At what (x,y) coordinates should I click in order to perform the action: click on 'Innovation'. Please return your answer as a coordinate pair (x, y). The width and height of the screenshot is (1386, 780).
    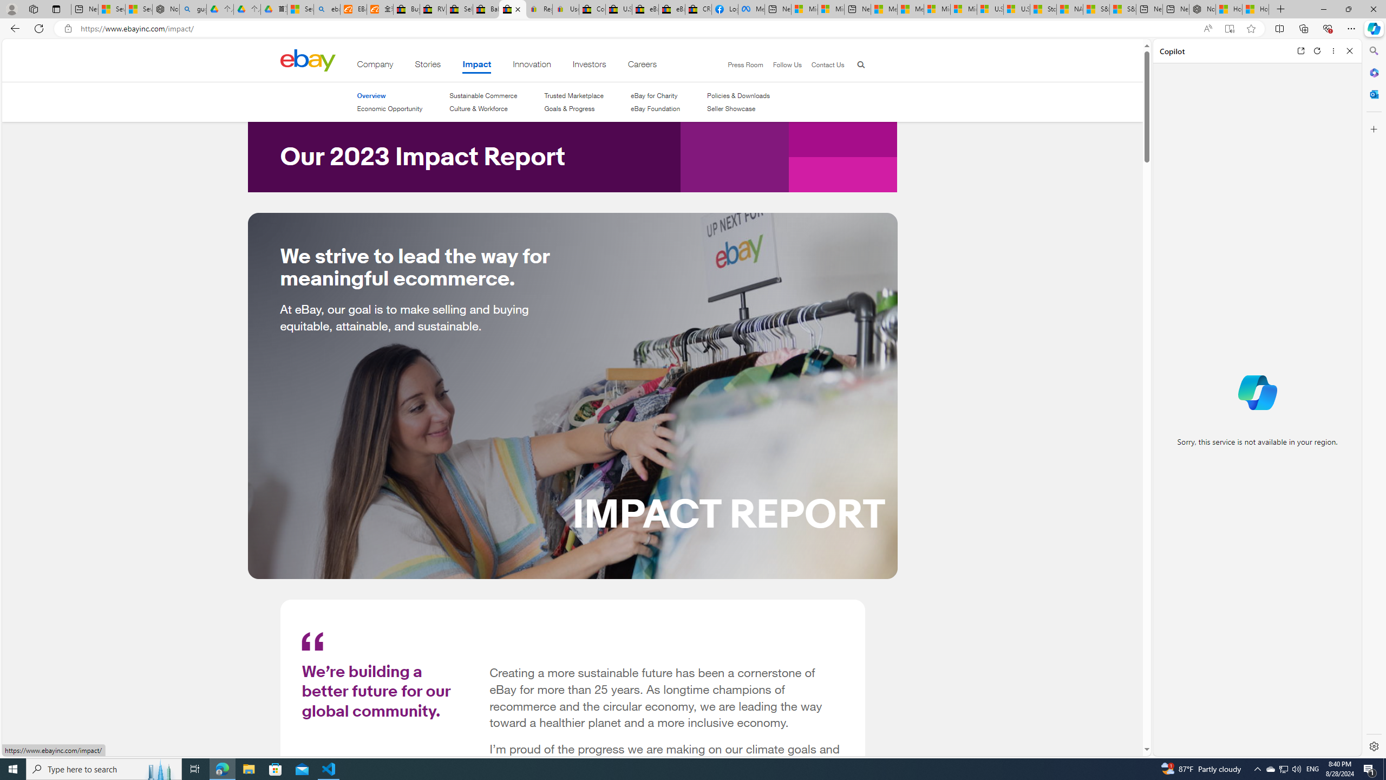
    Looking at the image, I should click on (532, 66).